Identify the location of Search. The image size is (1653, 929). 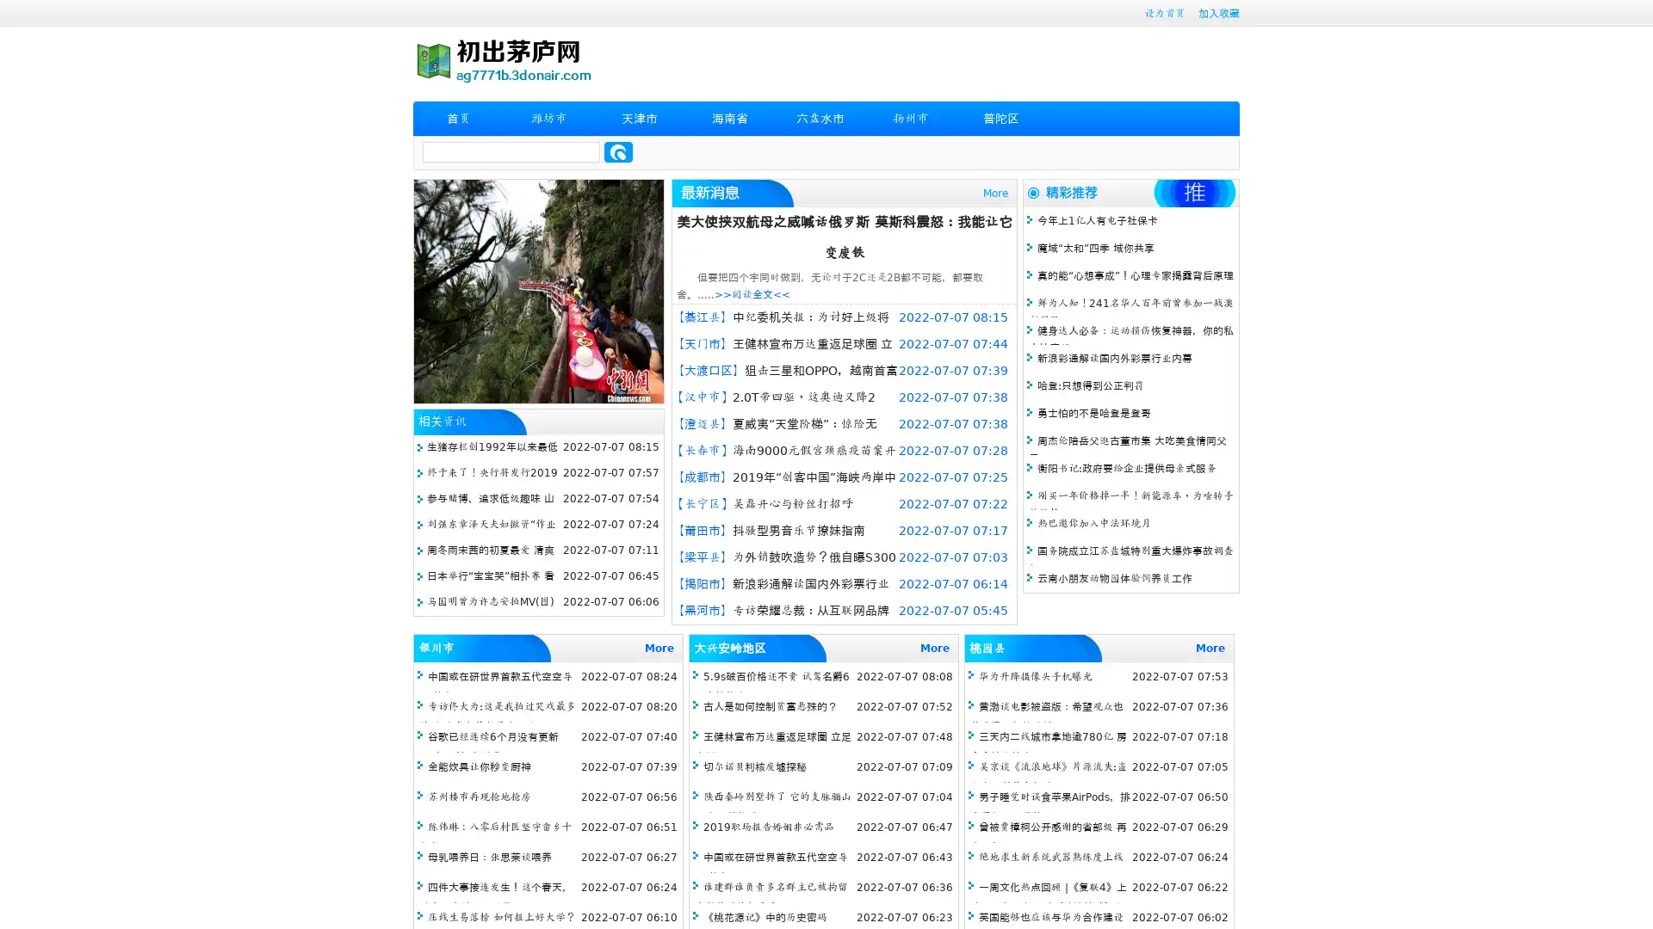
(618, 151).